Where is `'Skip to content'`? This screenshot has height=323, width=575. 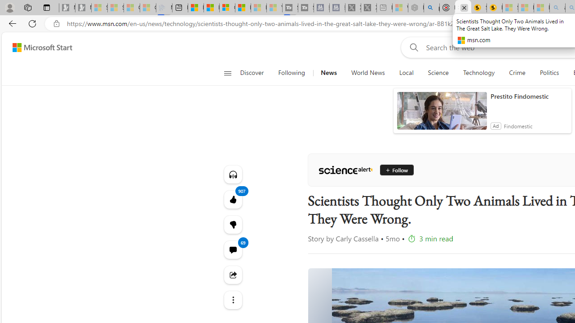 'Skip to content' is located at coordinates (39, 47).